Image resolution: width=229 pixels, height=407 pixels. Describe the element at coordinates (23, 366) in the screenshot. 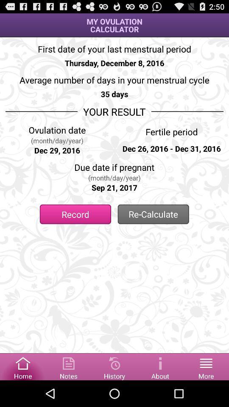

I see `home box` at that location.